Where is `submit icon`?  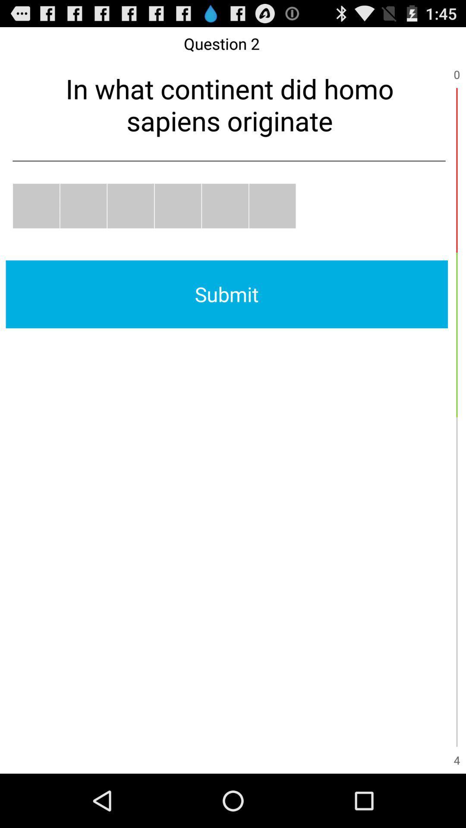
submit icon is located at coordinates (226, 294).